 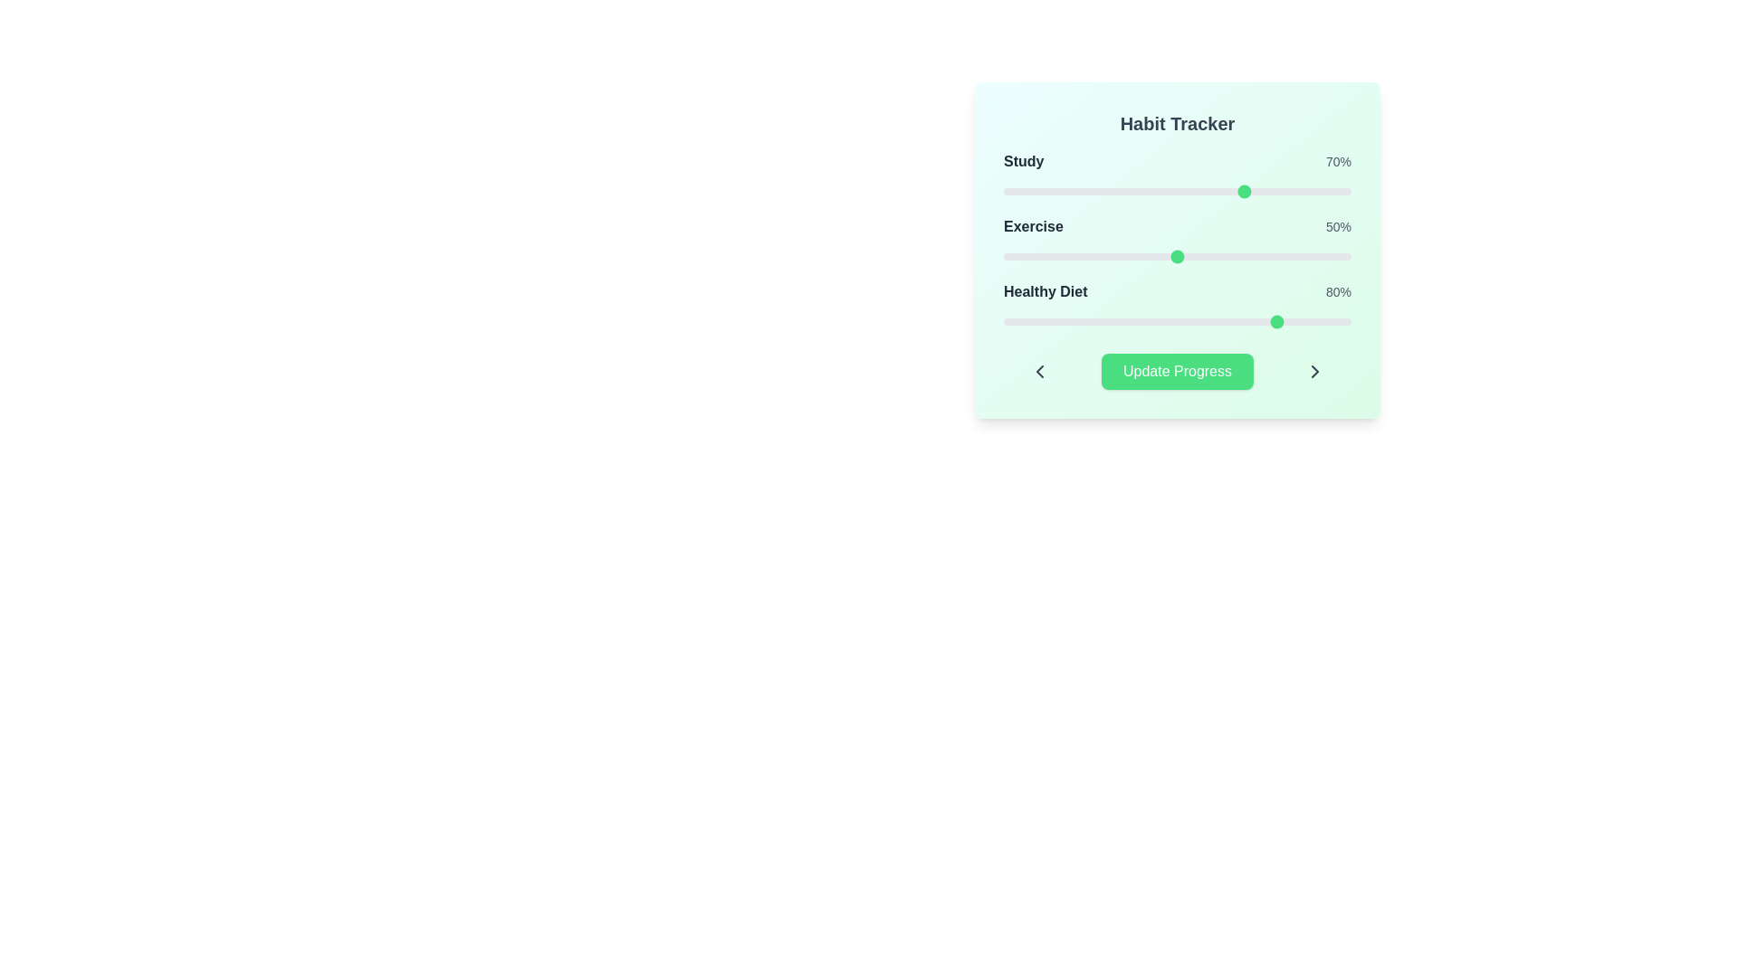 I want to click on the left chevron button to navigate to the previous section, so click(x=1039, y=371).